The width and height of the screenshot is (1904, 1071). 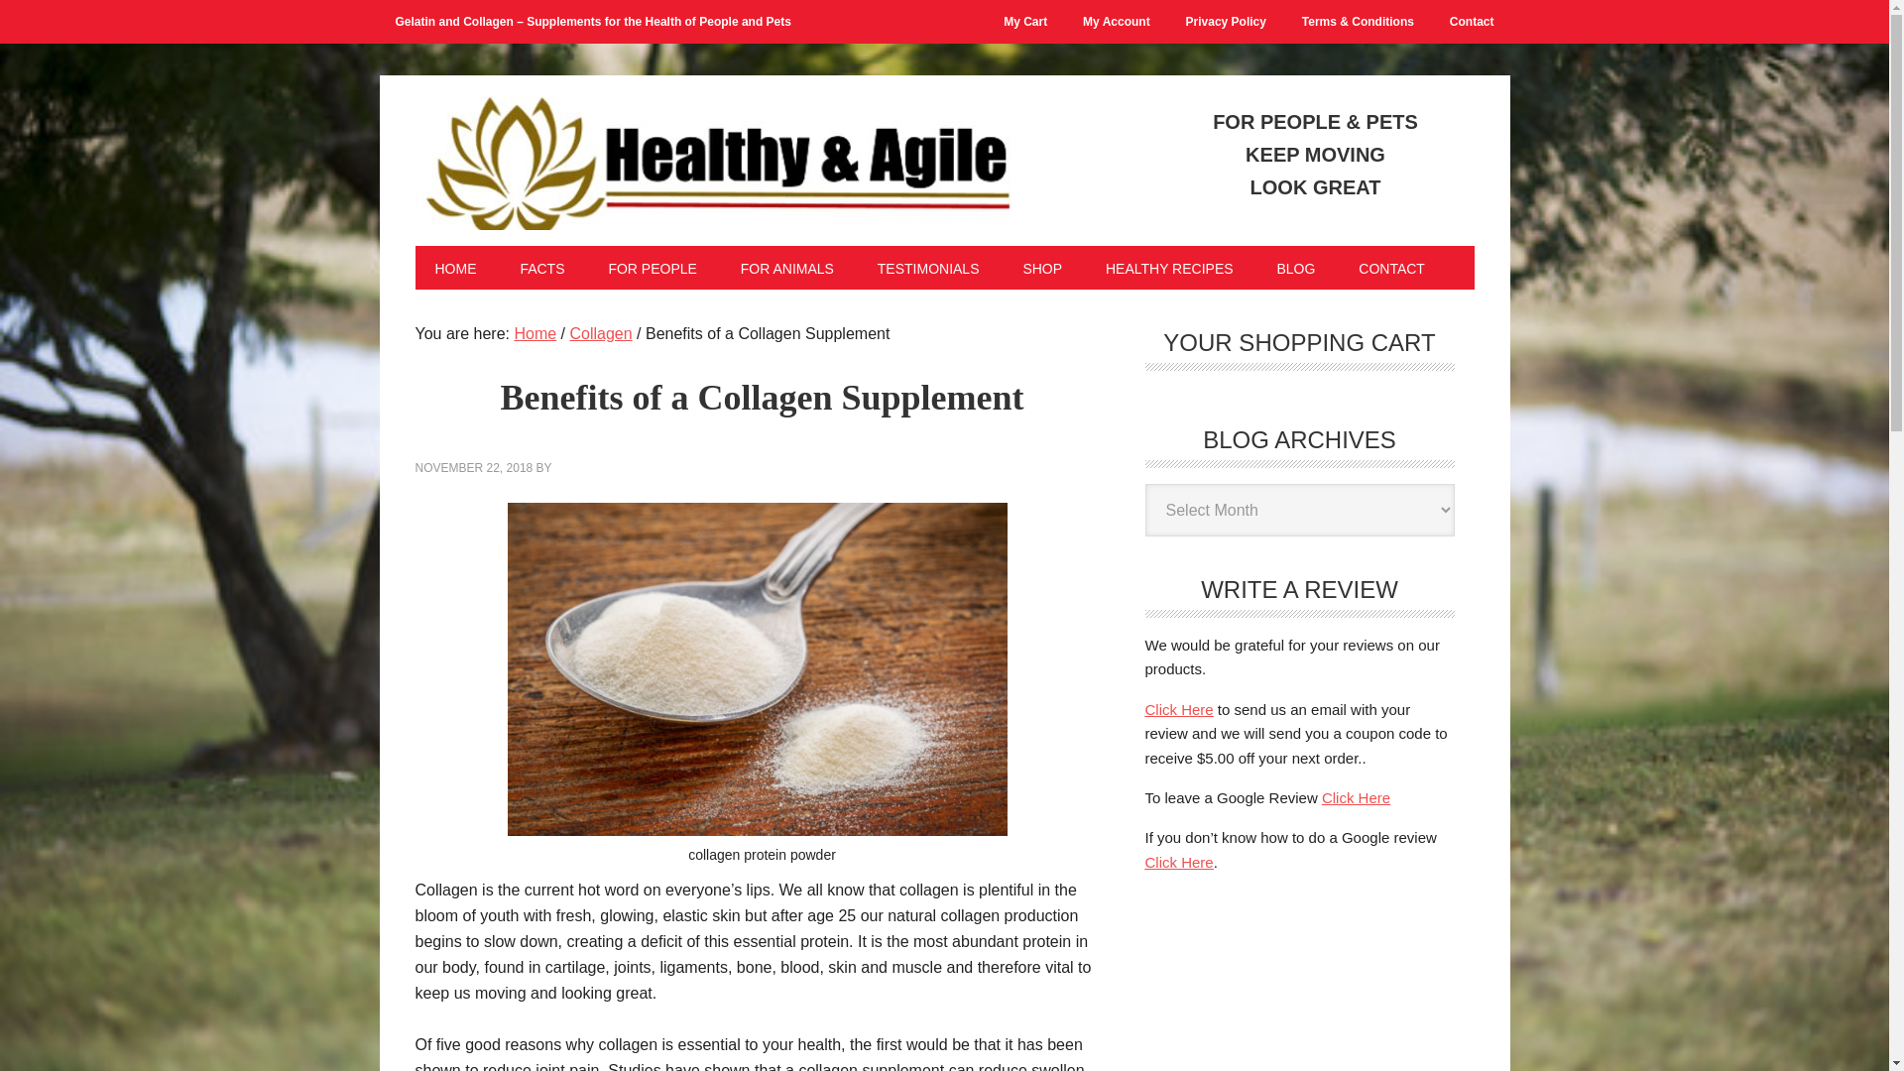 What do you see at coordinates (712, 155) in the screenshot?
I see `'HEALTHY AND AGILE'` at bounding box center [712, 155].